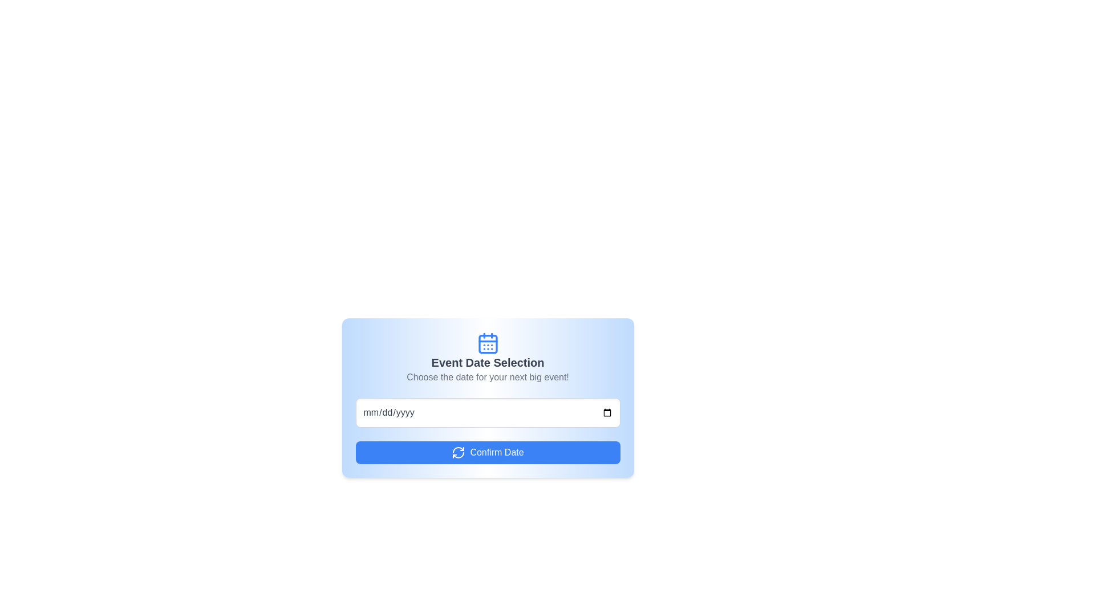  Describe the element at coordinates (488, 378) in the screenshot. I see `the static text element that provides instructions for selecting a date for an event, which is located centrally below the 'Event Date Selection' heading and above the date input field` at that location.